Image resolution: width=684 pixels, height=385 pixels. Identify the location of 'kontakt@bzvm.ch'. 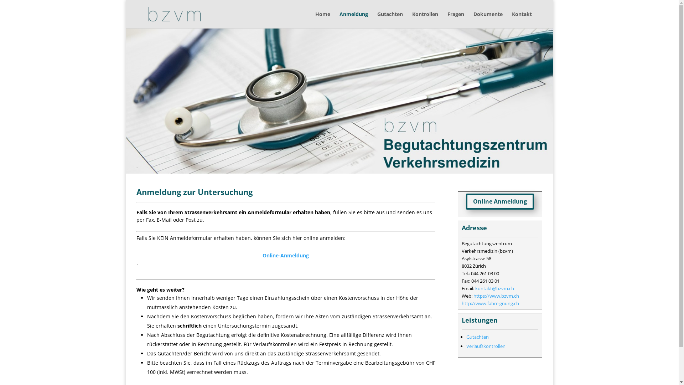
(494, 288).